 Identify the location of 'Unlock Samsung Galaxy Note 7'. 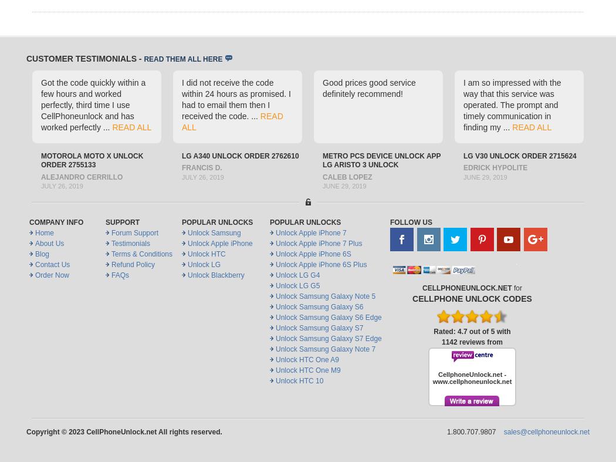
(275, 348).